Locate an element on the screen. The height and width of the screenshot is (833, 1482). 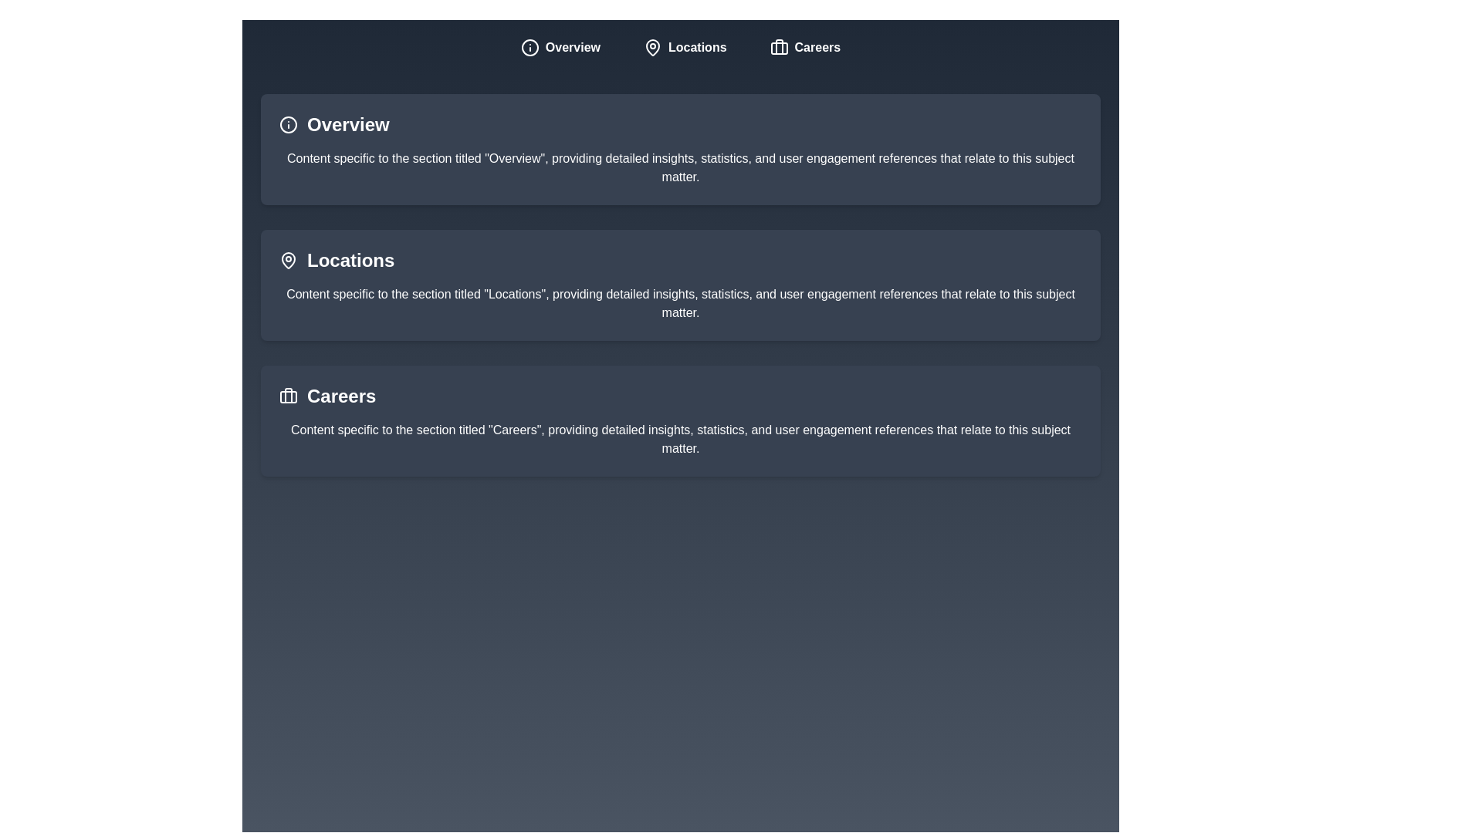
the decorative shape representing the briefcase icon in the navigation bar labeled 'Careers' is located at coordinates (779, 47).